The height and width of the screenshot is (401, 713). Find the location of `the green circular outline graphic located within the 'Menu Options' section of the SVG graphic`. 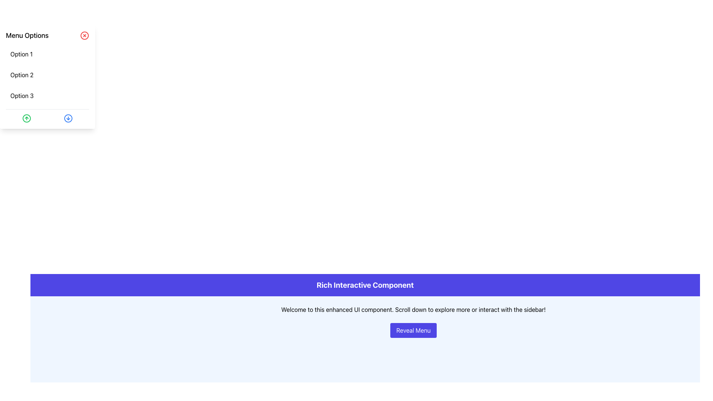

the green circular outline graphic located within the 'Menu Options' section of the SVG graphic is located at coordinates (27, 118).